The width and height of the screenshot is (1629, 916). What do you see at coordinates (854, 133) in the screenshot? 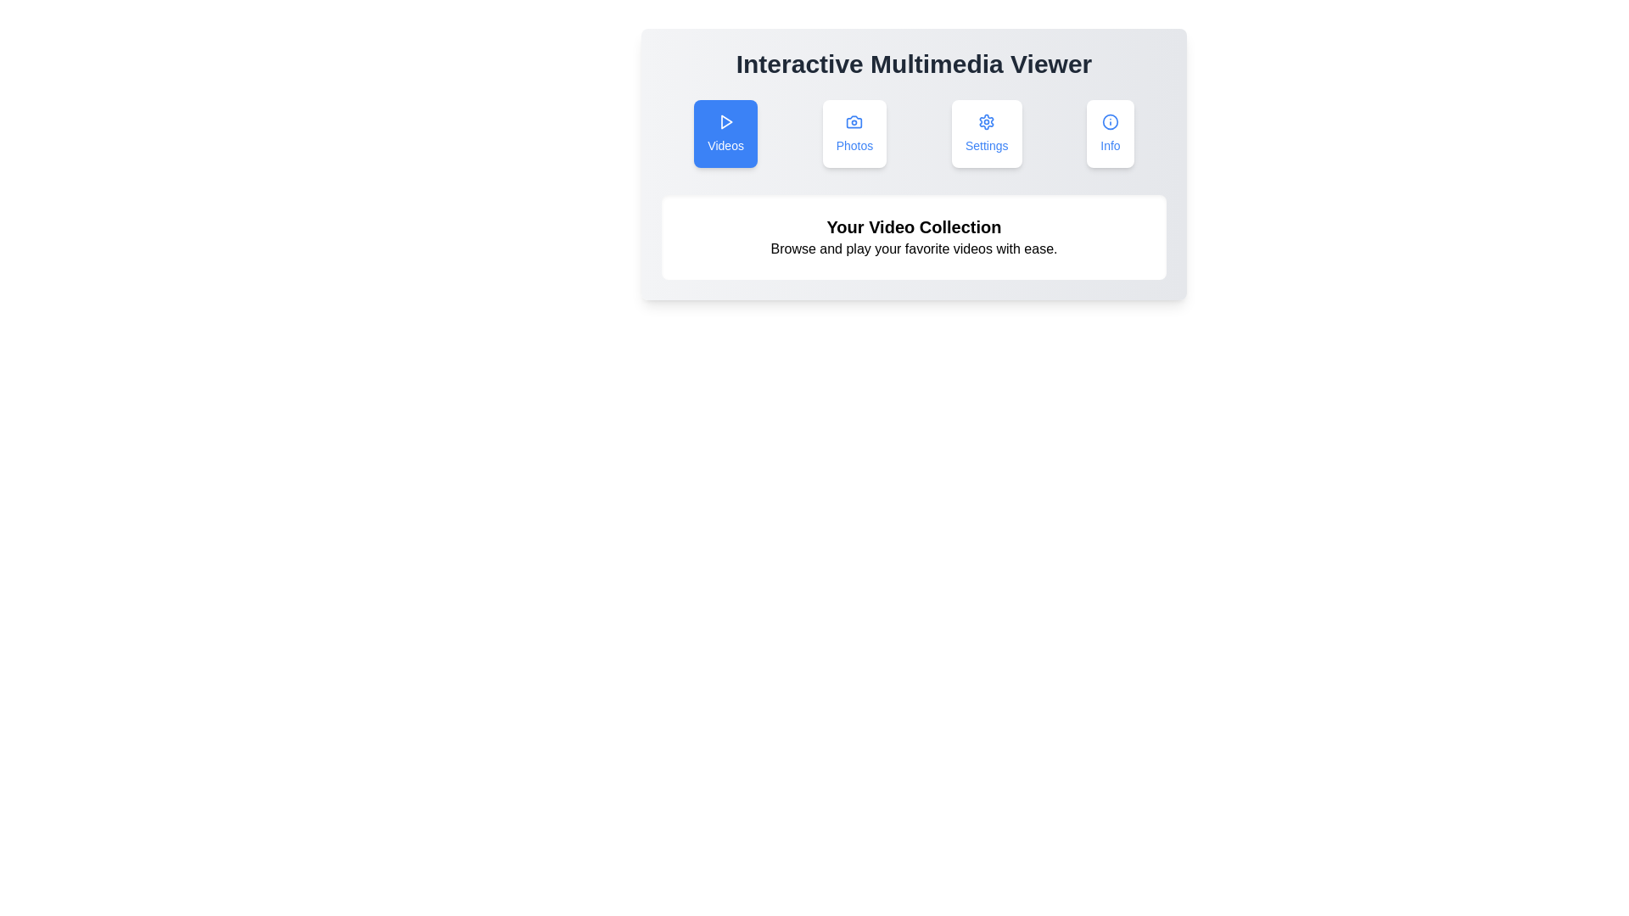
I see `the button labeled 'Photos', which has a white background, a blue camera icon, and blue text` at bounding box center [854, 133].